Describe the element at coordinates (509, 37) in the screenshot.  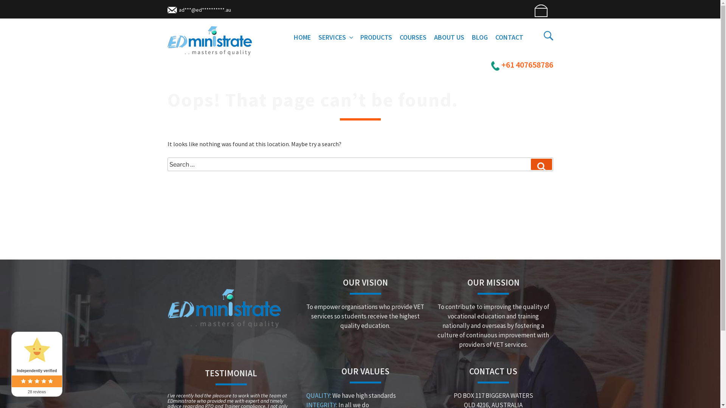
I see `'CONTACT'` at that location.